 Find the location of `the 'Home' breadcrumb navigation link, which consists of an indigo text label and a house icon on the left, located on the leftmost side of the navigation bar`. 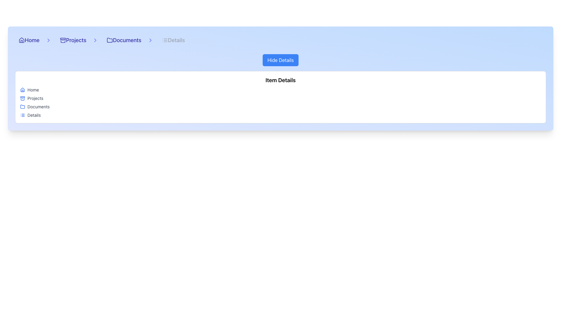

the 'Home' breadcrumb navigation link, which consists of an indigo text label and a house icon on the left, located on the leftmost side of the navigation bar is located at coordinates (33, 40).